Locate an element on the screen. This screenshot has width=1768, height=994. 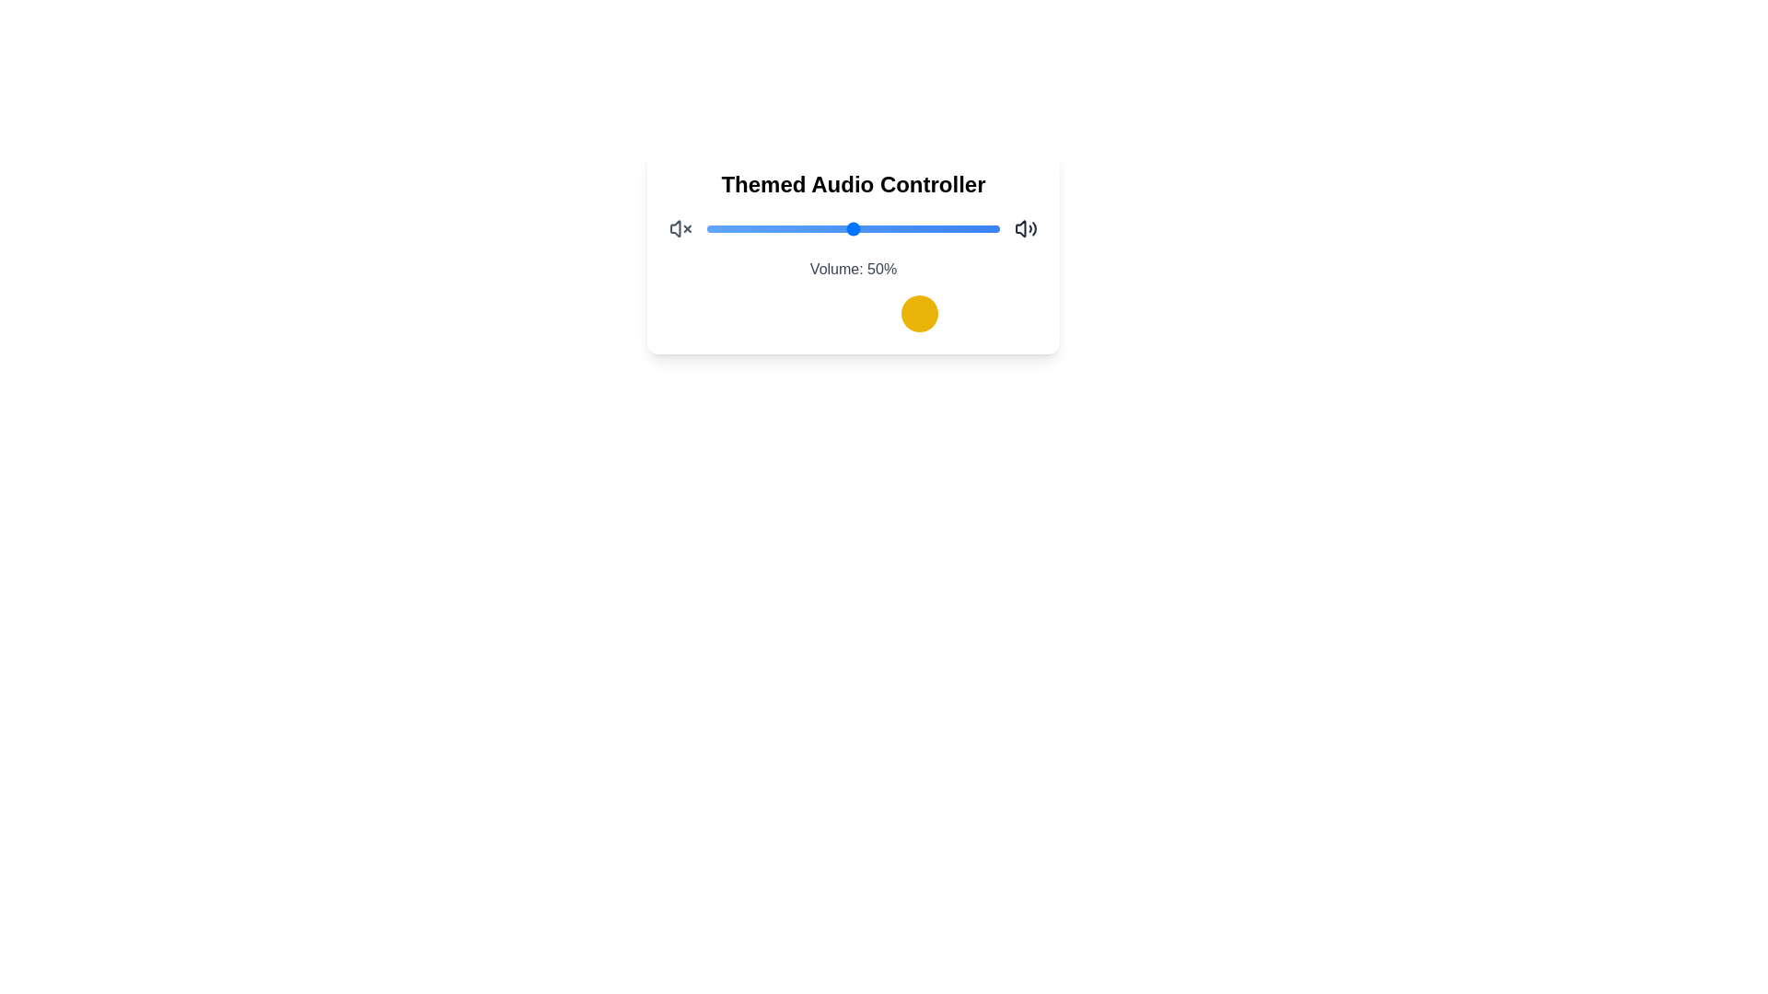
the green button to change the theme is located at coordinates (874, 312).